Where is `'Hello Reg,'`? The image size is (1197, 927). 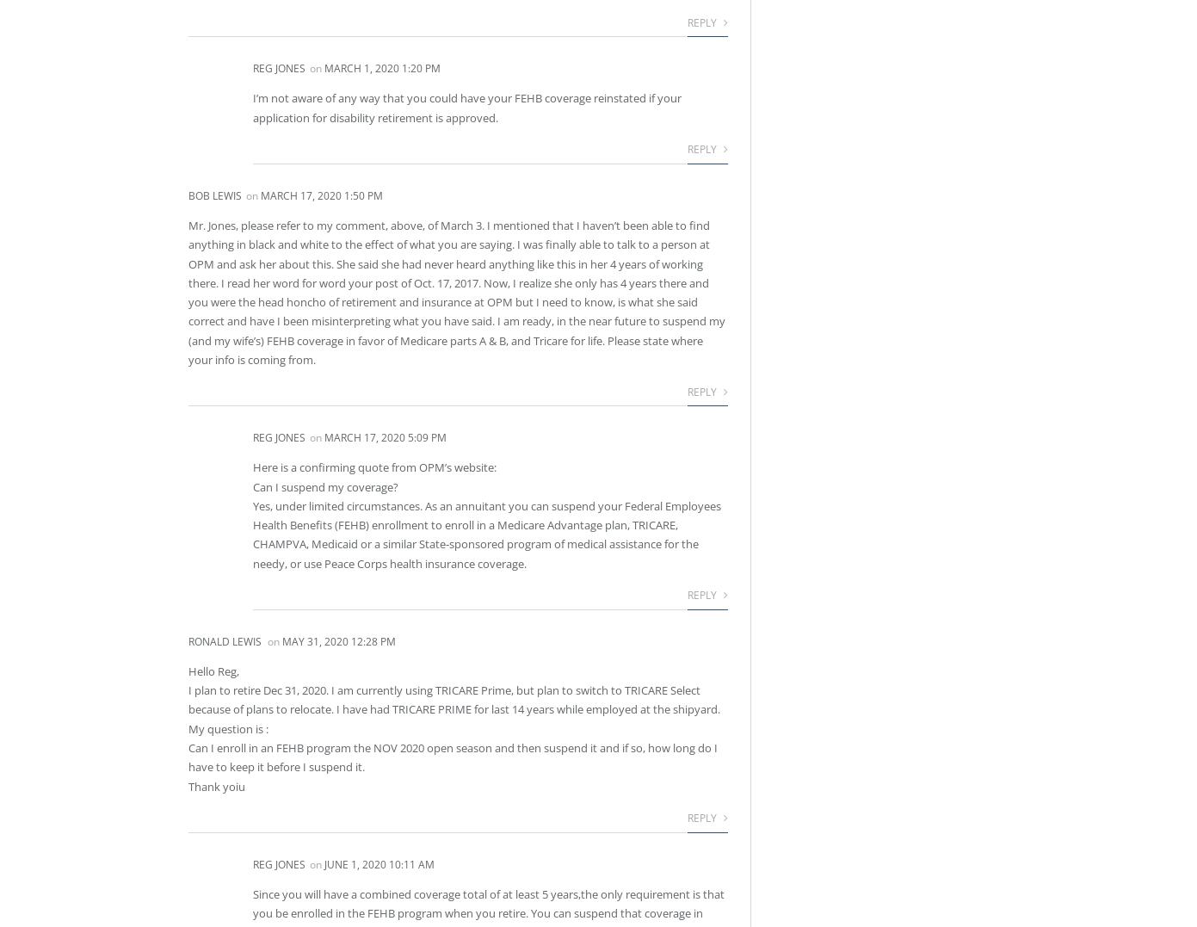 'Hello Reg,' is located at coordinates (213, 669).